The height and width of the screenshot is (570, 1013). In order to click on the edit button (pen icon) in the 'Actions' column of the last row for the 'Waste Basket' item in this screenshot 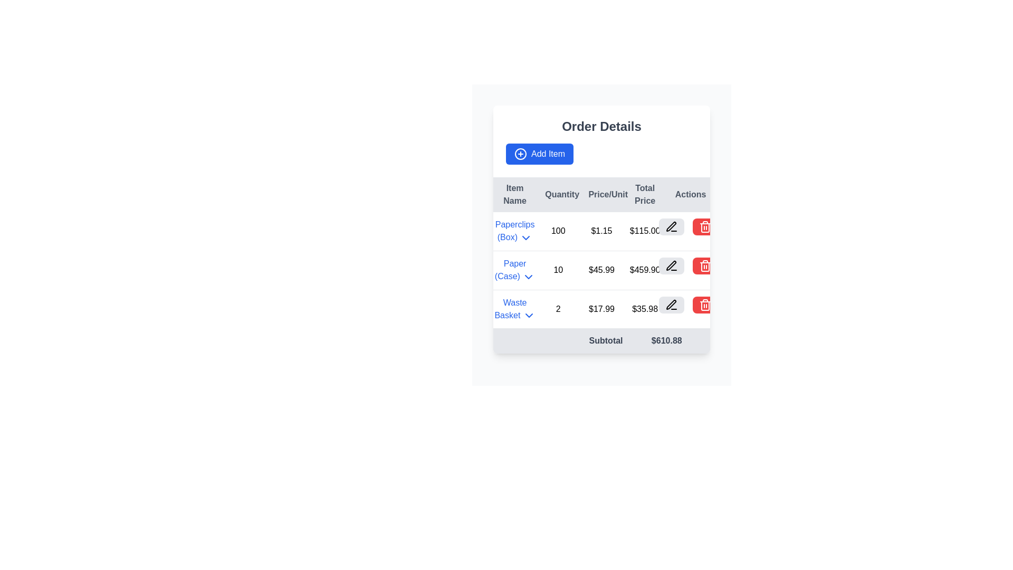, I will do `click(671, 305)`.